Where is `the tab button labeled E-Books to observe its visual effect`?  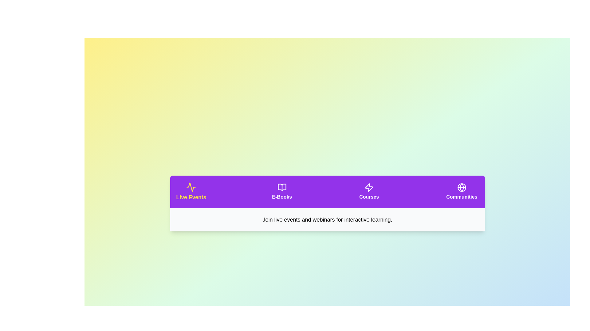
the tab button labeled E-Books to observe its visual effect is located at coordinates (281, 191).